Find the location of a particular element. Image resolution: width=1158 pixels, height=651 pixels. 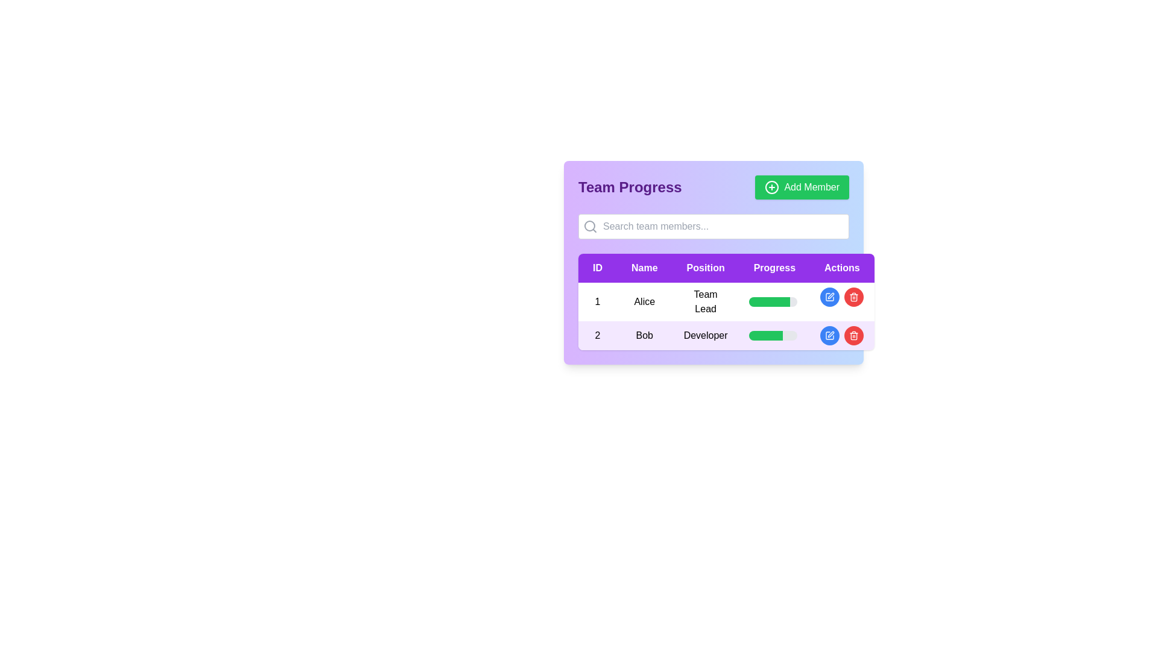

the small rectangular box displaying the numeric text '1' located in the row for 'Alice, Team Lead' within the table is located at coordinates (597, 301).